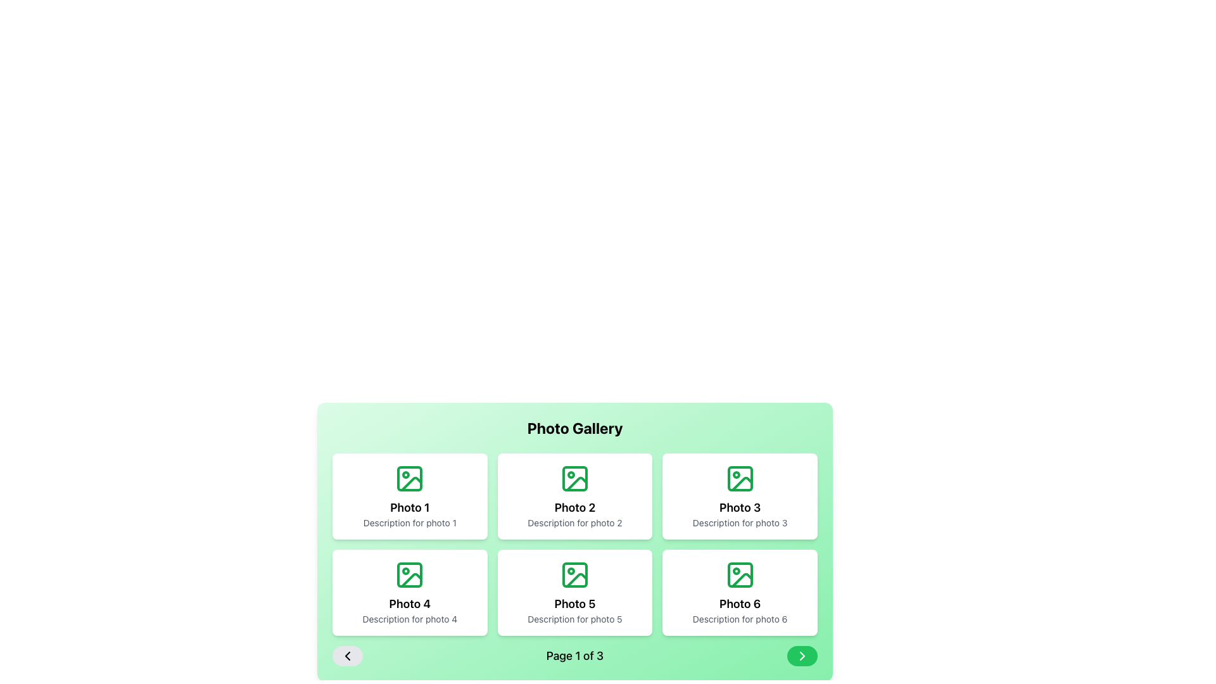  I want to click on the pagination navigation Icon button located at the bottom-right corner of the gallery section, so click(802, 655).